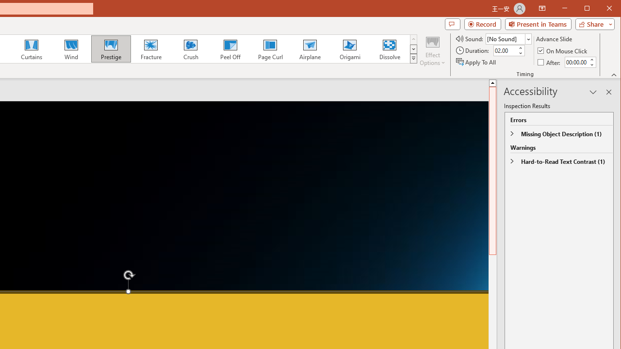  I want to click on 'Sound', so click(508, 38).